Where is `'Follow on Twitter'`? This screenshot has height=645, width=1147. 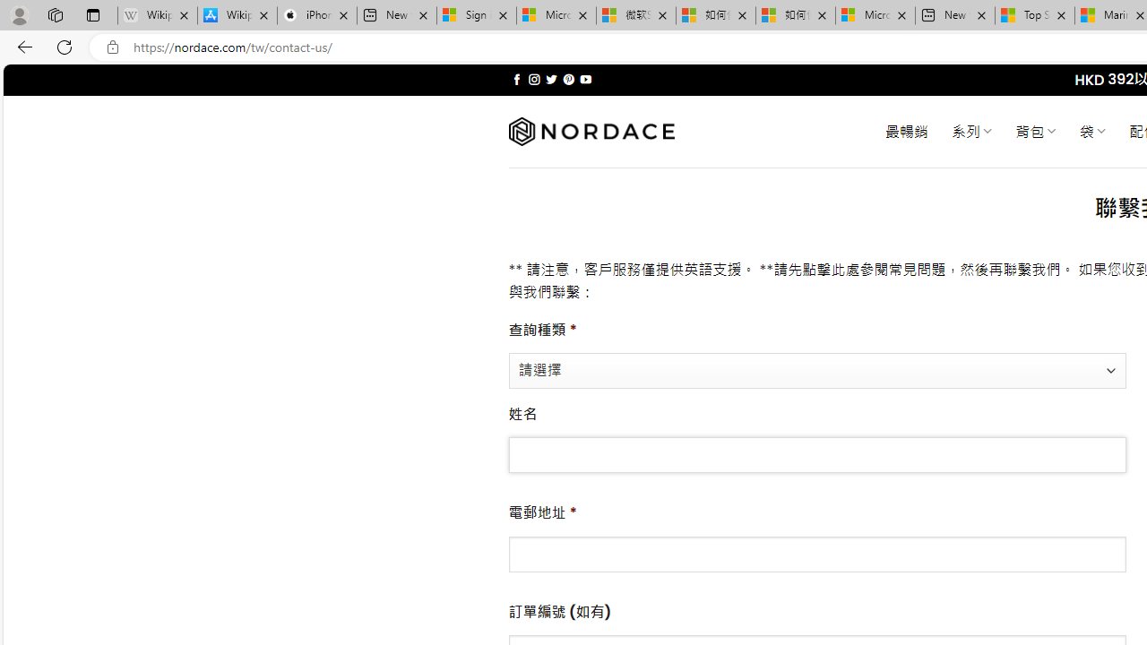
'Follow on Twitter' is located at coordinates (550, 79).